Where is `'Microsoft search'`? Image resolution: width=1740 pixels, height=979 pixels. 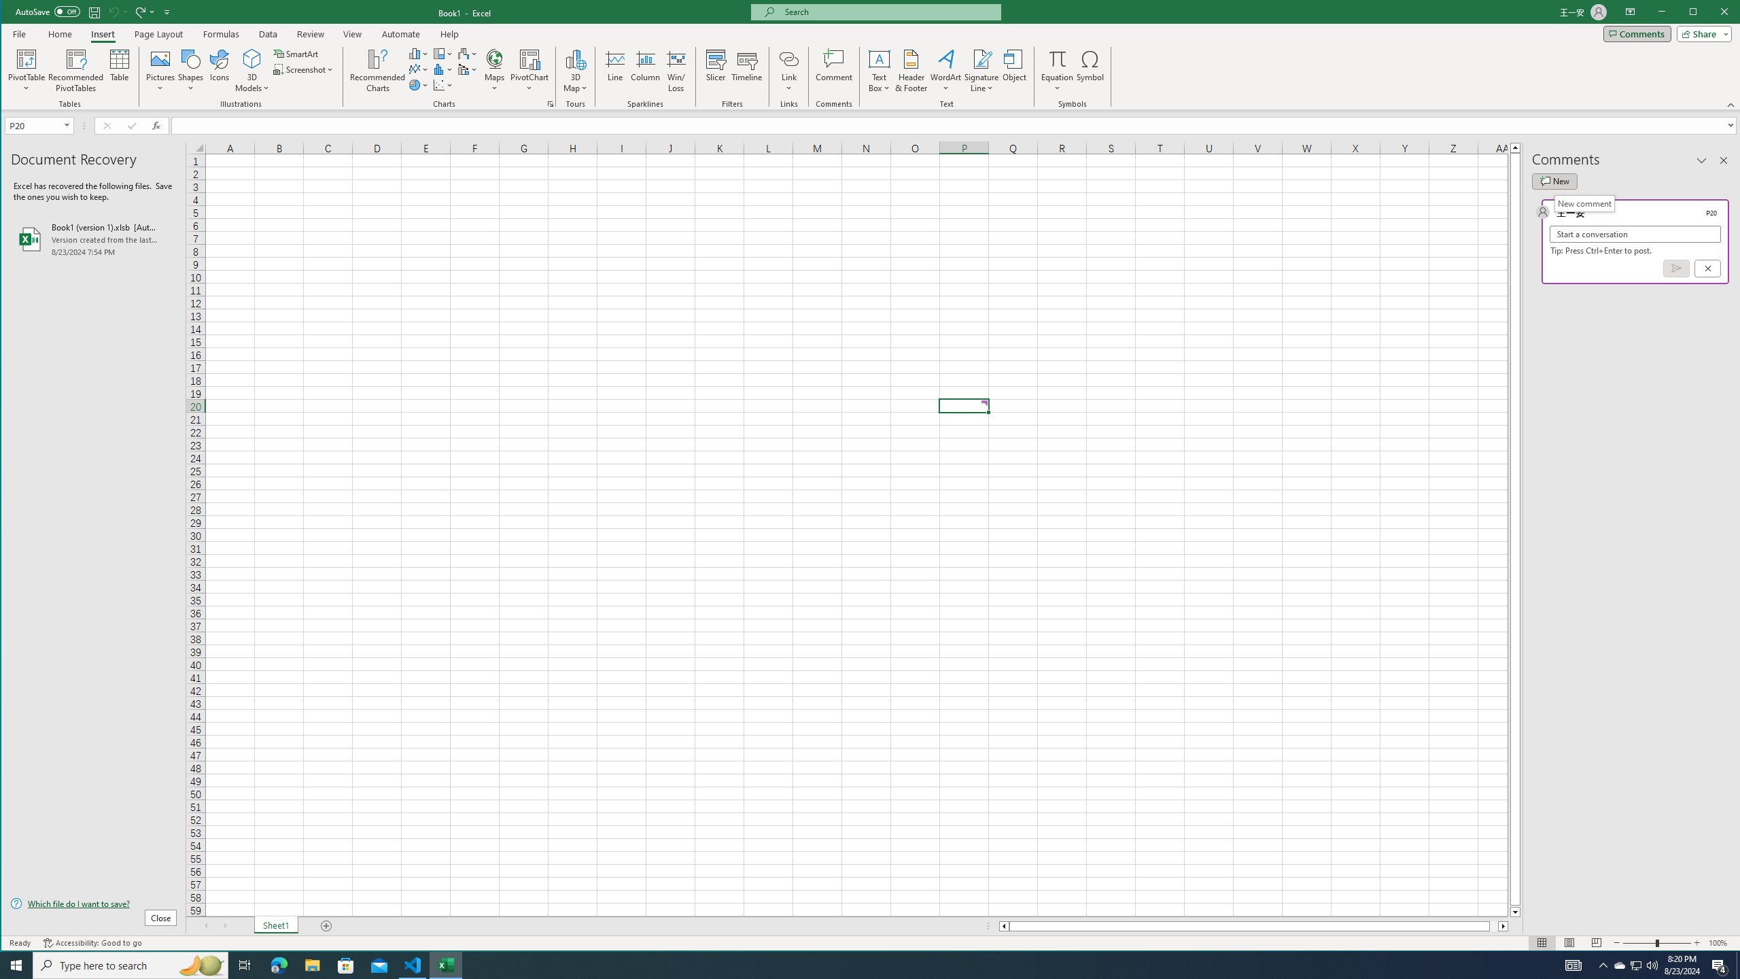
'Microsoft search' is located at coordinates (886, 12).